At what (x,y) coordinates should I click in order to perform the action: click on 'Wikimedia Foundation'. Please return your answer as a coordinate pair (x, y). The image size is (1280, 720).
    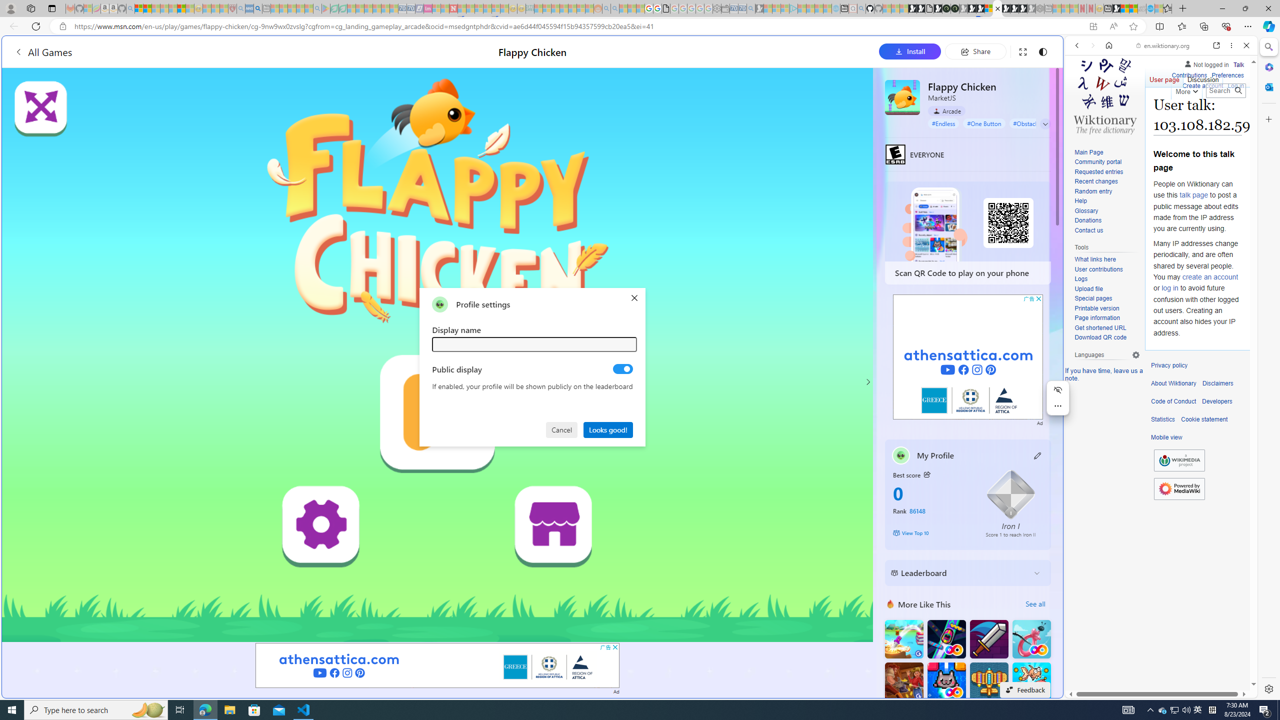
    Looking at the image, I should click on (1179, 459).